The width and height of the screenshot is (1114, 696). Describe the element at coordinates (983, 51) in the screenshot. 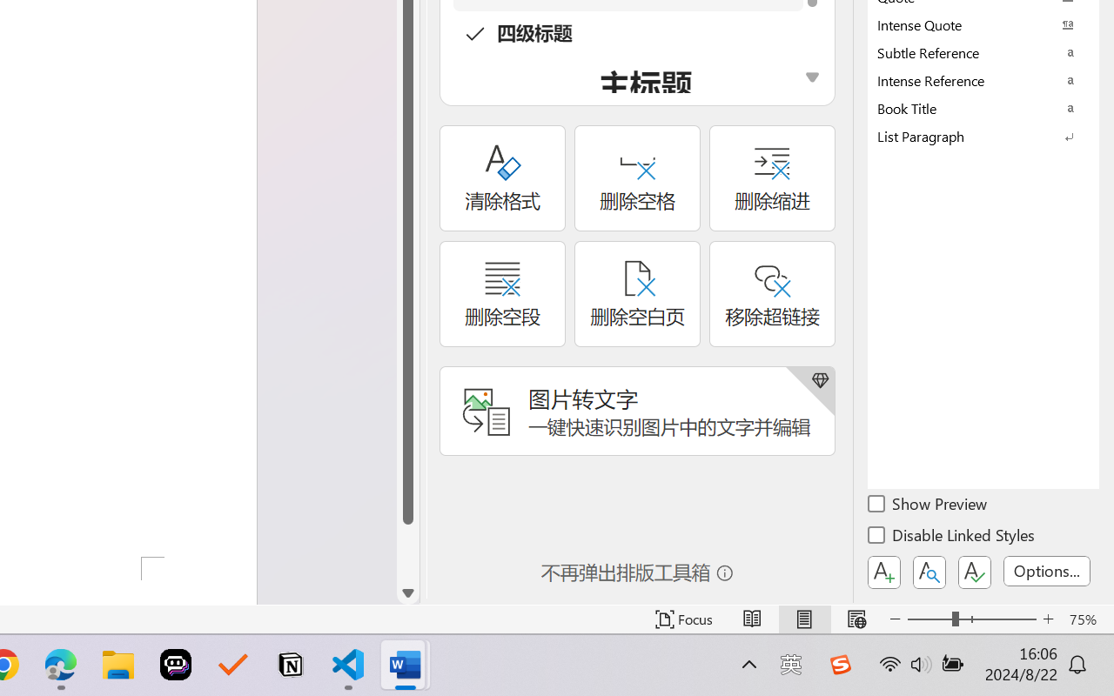

I see `'Subtle Reference'` at that location.